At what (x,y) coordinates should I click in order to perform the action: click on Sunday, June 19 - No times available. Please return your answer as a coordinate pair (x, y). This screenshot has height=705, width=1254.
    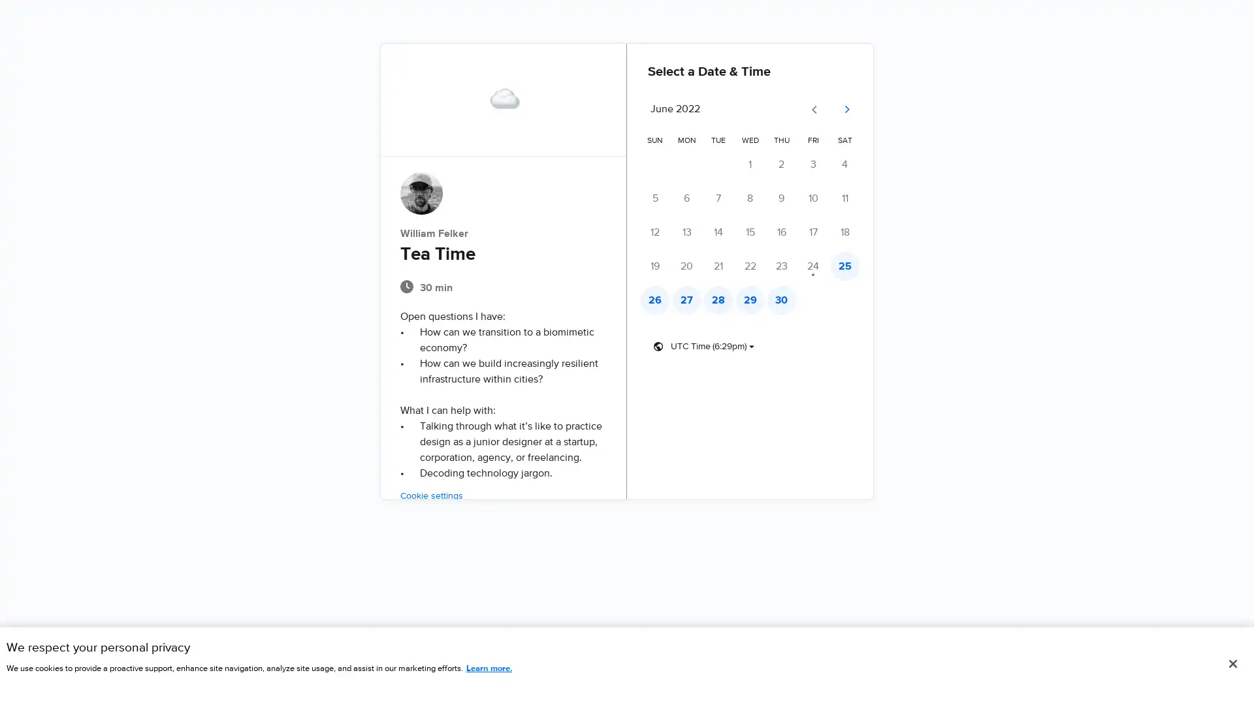
    Looking at the image, I should click on (655, 266).